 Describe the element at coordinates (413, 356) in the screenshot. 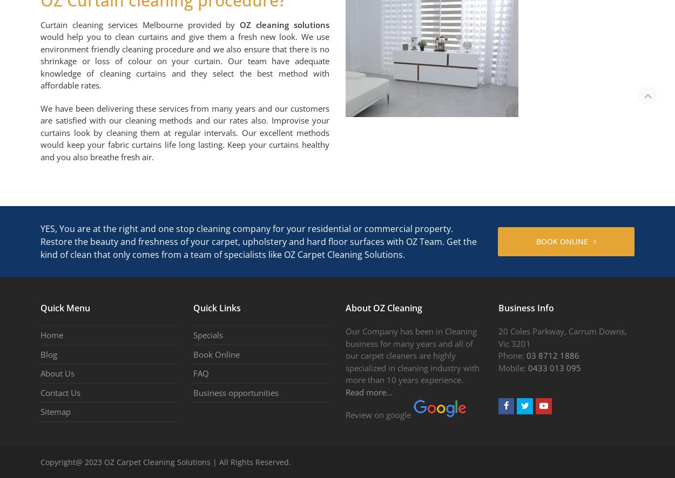

I see `'Our Company has been in Cleaning business for many years and all of our carpet cleaners are highly specialized in cleaning industry with more than 10 years experience.'` at that location.